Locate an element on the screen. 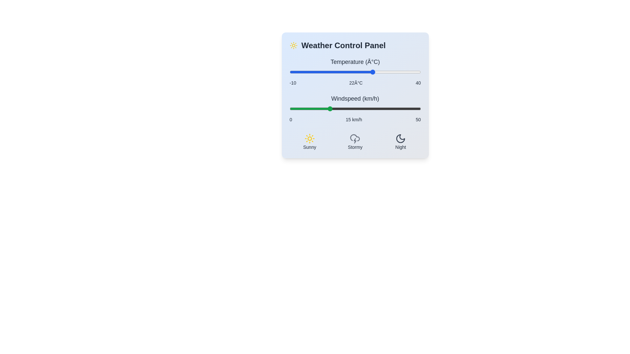 The image size is (630, 354). the static text displaying the current wind speed, which is located between the numeric values '0' and '50' and below the 'Wind Speed (km/h)' label is located at coordinates (353, 120).